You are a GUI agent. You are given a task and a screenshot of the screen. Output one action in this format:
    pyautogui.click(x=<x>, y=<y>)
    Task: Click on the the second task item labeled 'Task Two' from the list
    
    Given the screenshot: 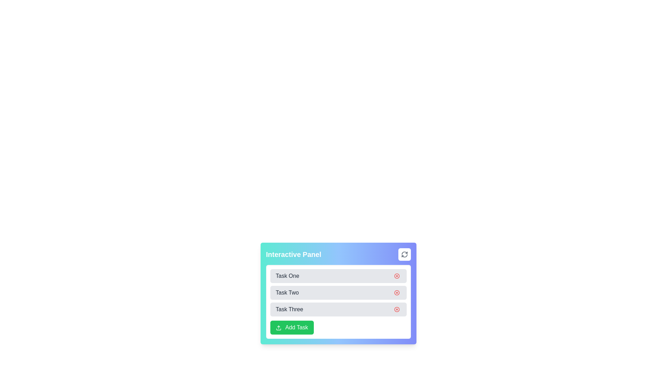 What is the action you would take?
    pyautogui.click(x=338, y=292)
    